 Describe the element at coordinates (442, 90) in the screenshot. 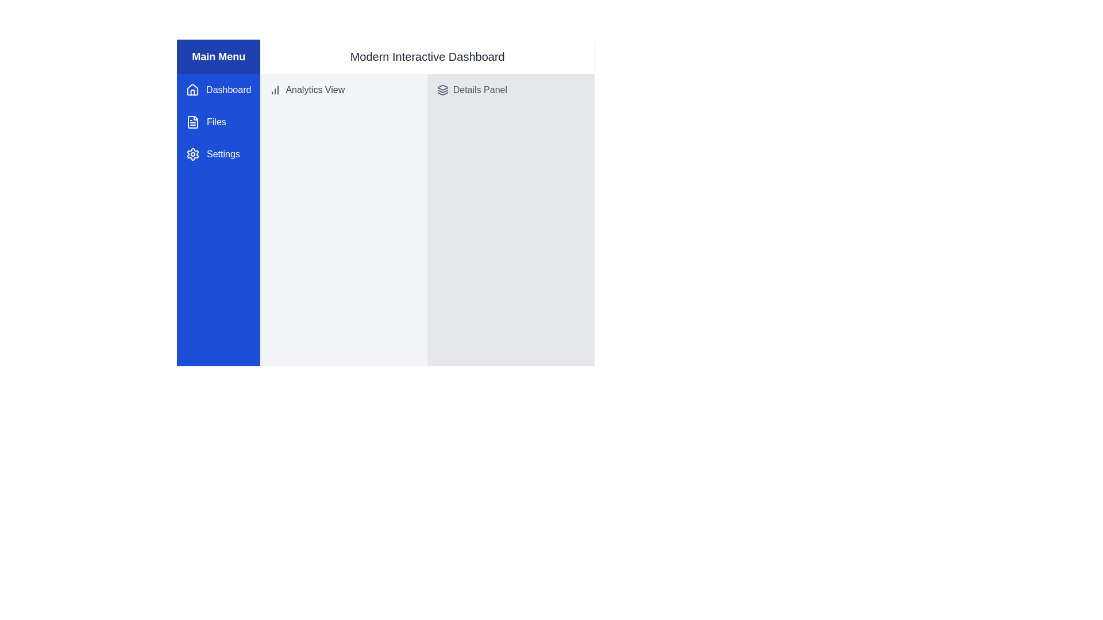

I see `the first icon in the 'Details Panel' section, located to the left of the text 'Details Panel'` at that location.